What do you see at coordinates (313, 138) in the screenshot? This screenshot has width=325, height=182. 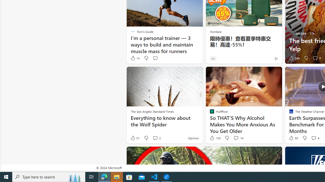 I see `'View comments 4 Comment'` at bounding box center [313, 138].